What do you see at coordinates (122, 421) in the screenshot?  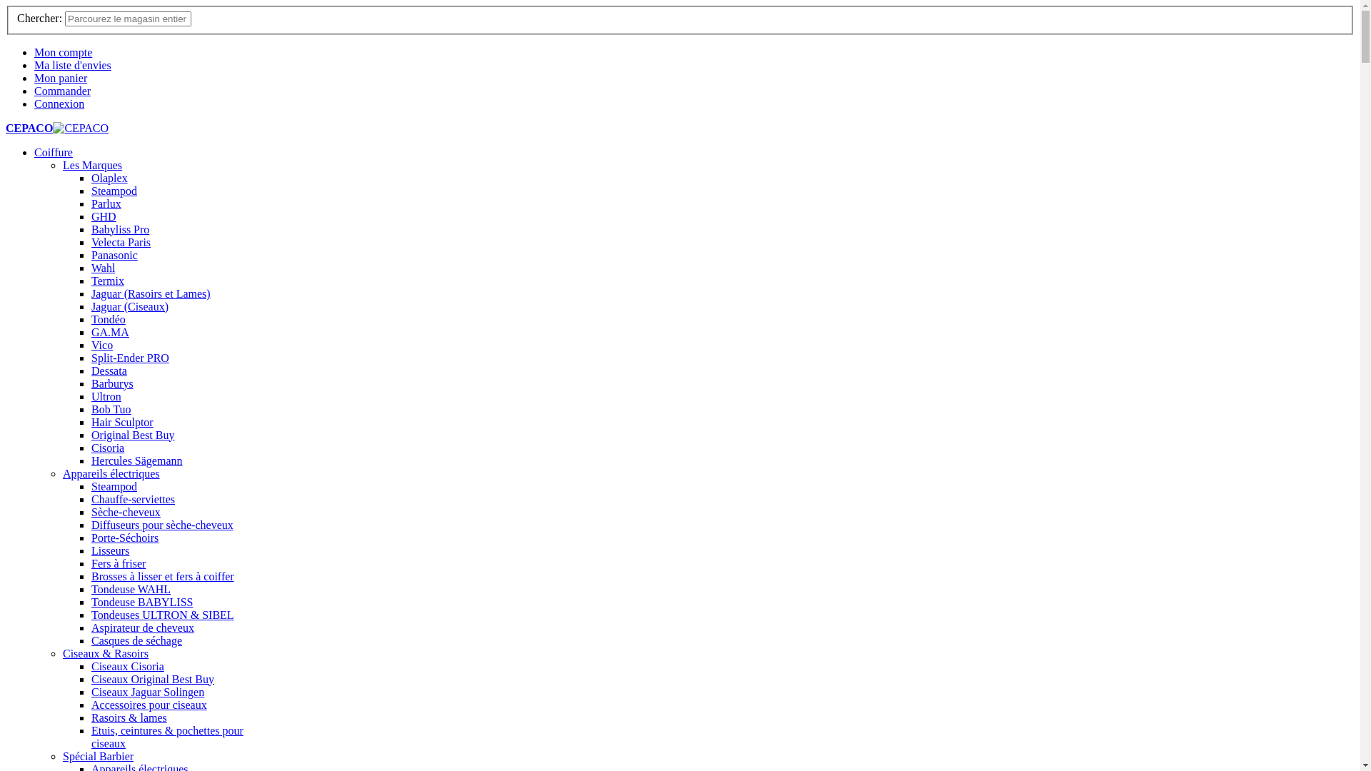 I see `'Hair Sculptor'` at bounding box center [122, 421].